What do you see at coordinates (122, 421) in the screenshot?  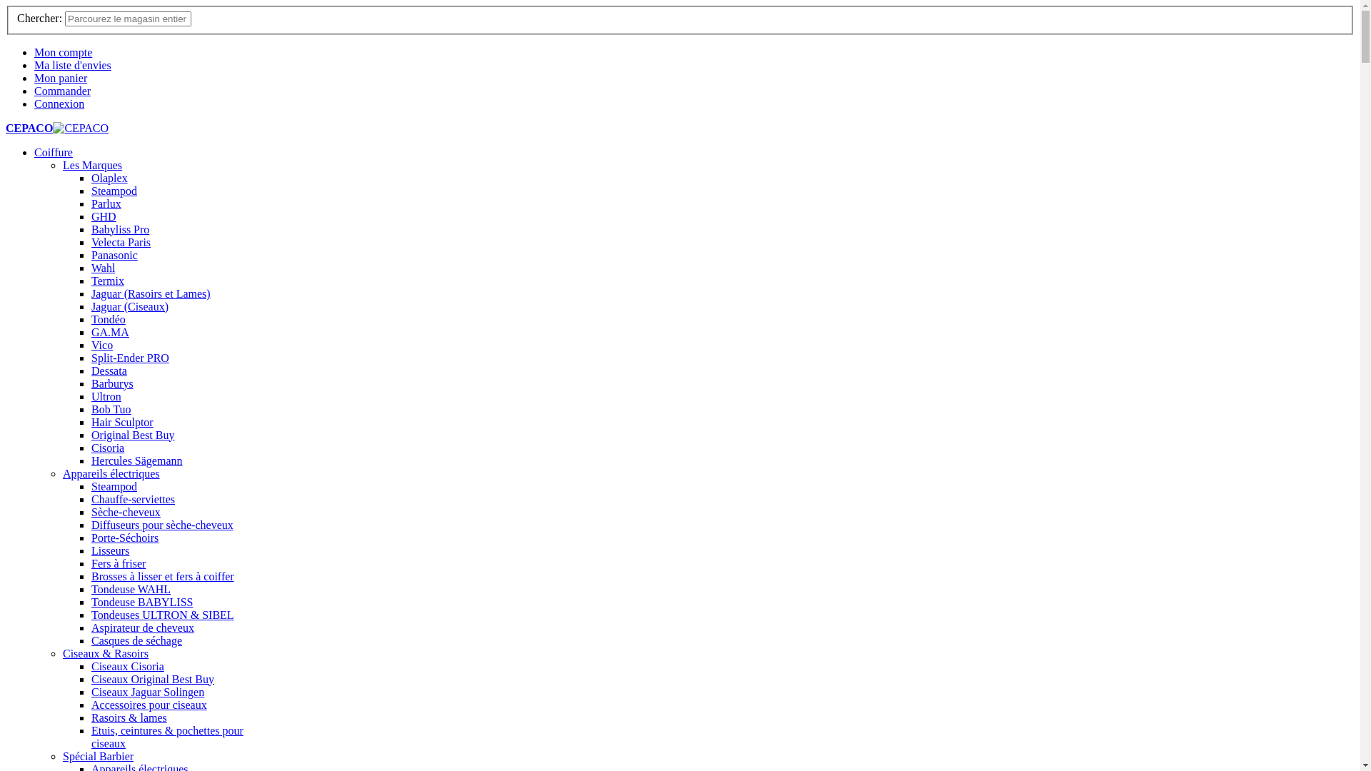 I see `'Hair Sculptor'` at bounding box center [122, 421].